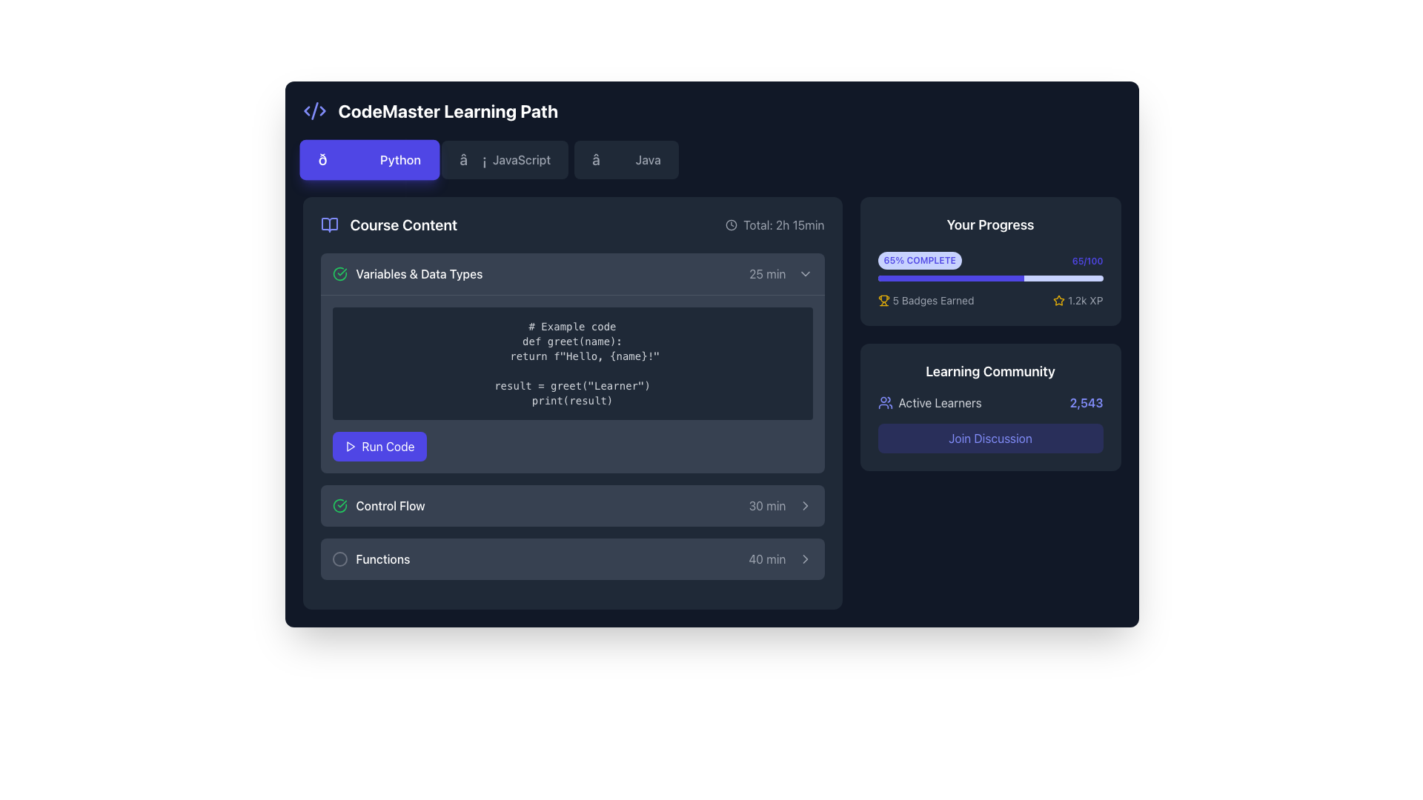 The width and height of the screenshot is (1423, 800). I want to click on the 'Active Learners' text label, which is styled in grayish hue and positioned to the right of a user icon in the 'Learning Community' section, so click(939, 402).